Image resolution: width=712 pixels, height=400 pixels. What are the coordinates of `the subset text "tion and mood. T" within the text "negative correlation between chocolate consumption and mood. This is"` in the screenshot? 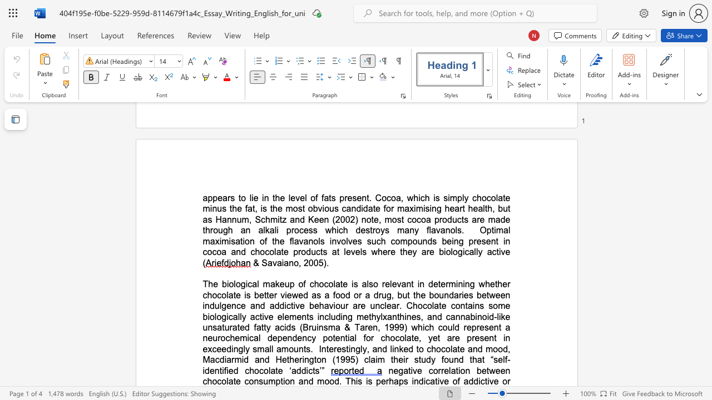 It's located at (280, 381).